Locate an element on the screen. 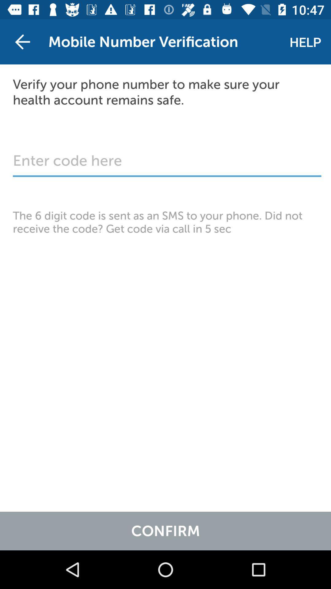  the item above the 6 digit is located at coordinates (167, 164).